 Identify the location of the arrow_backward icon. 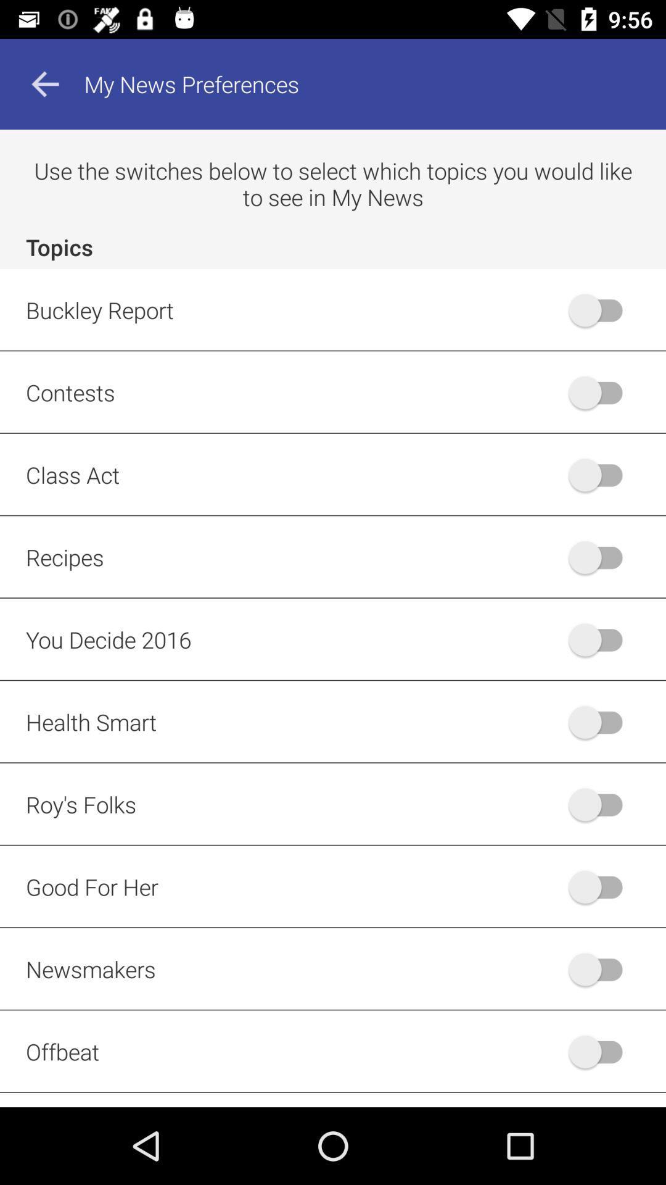
(44, 83).